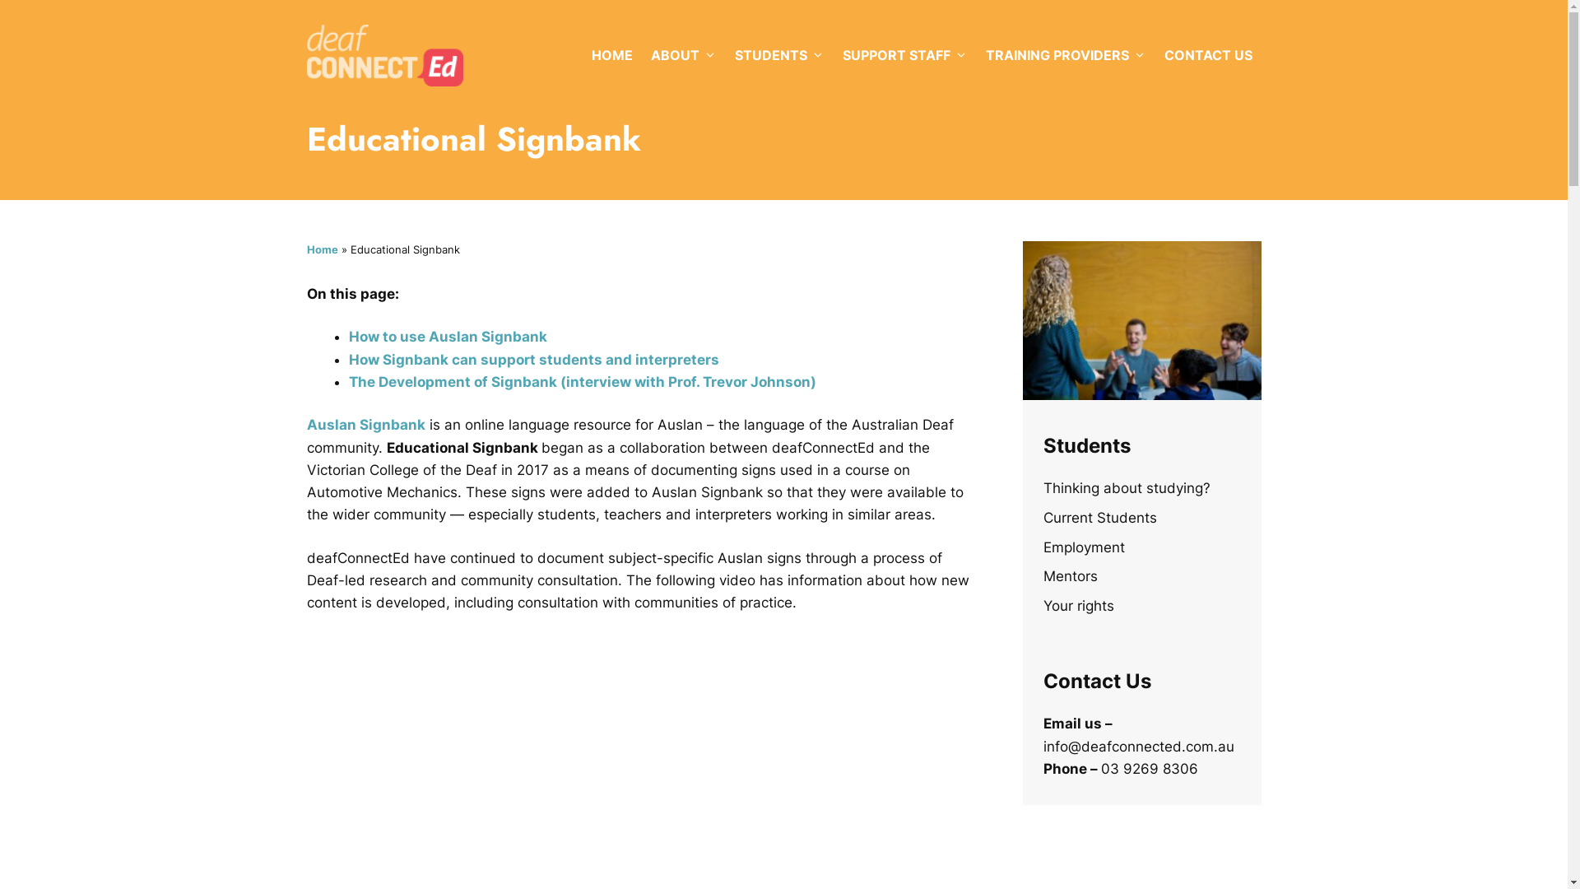 This screenshot has width=1580, height=889. Describe the element at coordinates (778, 54) in the screenshot. I see `'STUDENTS'` at that location.